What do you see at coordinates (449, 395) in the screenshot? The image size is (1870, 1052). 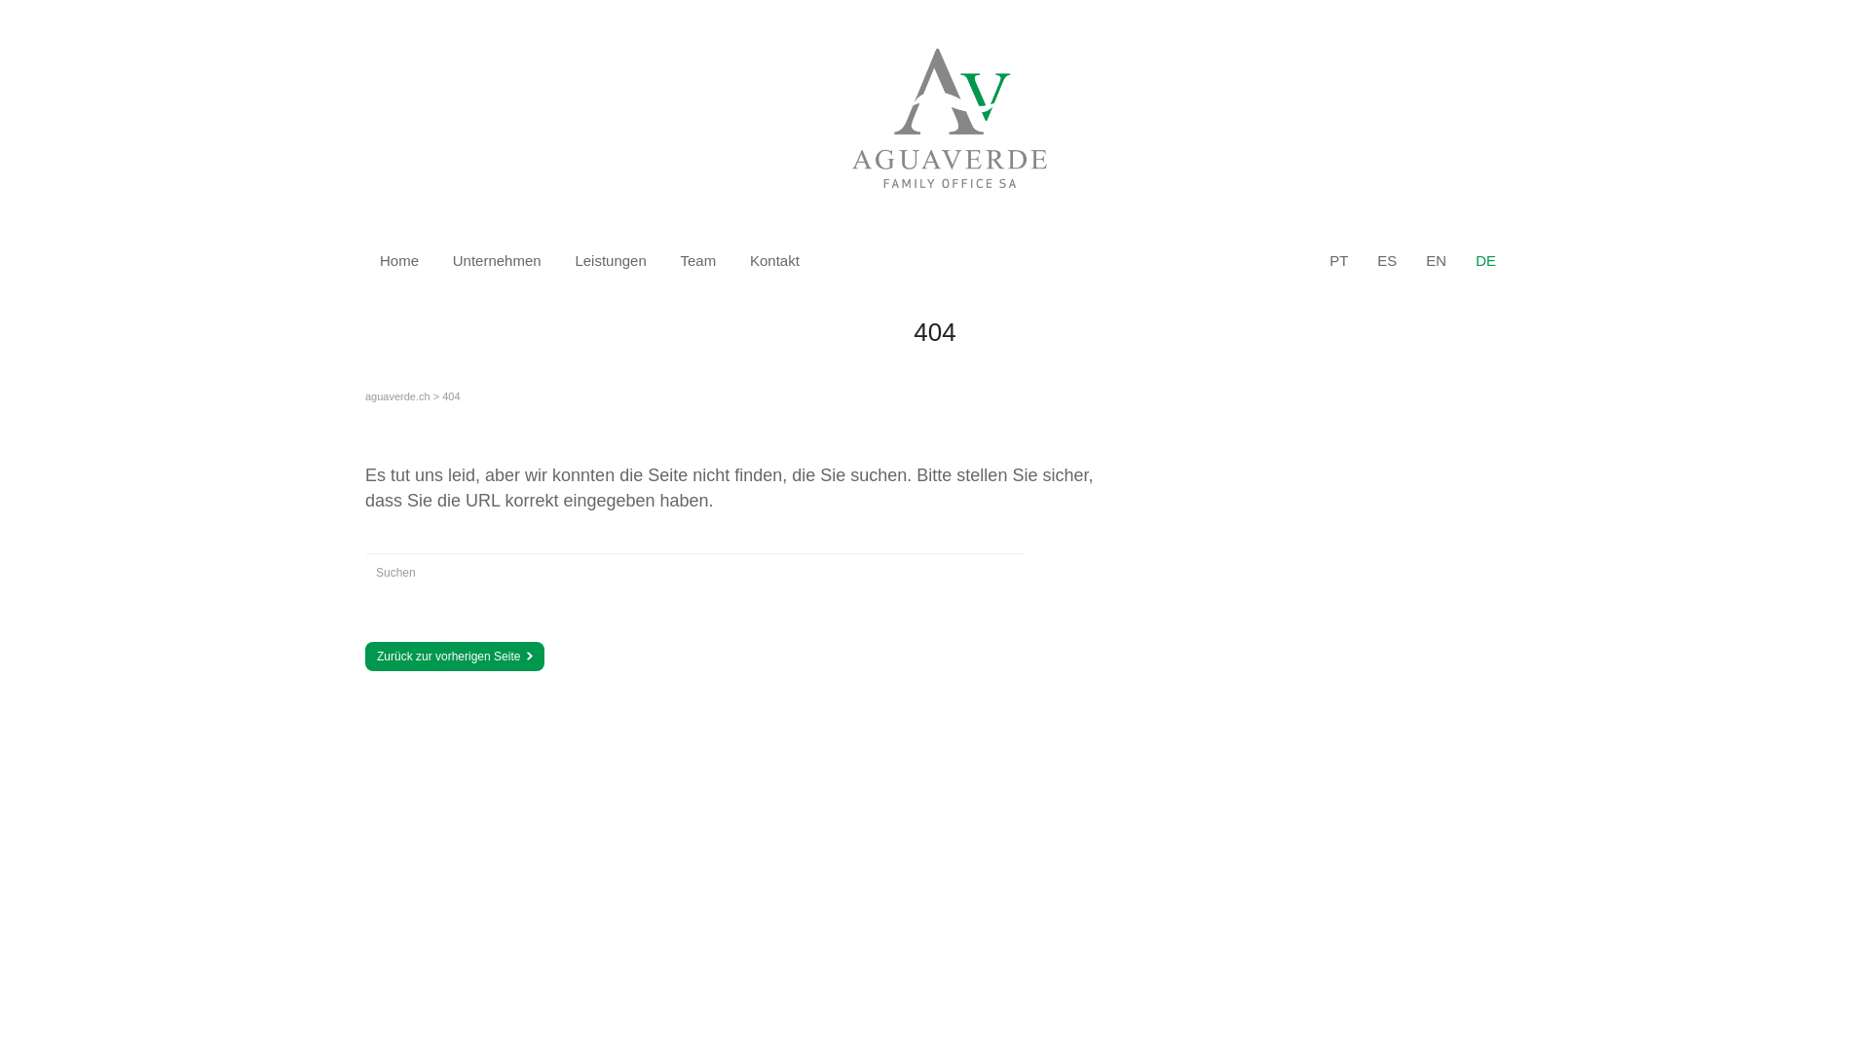 I see `'404'` at bounding box center [449, 395].